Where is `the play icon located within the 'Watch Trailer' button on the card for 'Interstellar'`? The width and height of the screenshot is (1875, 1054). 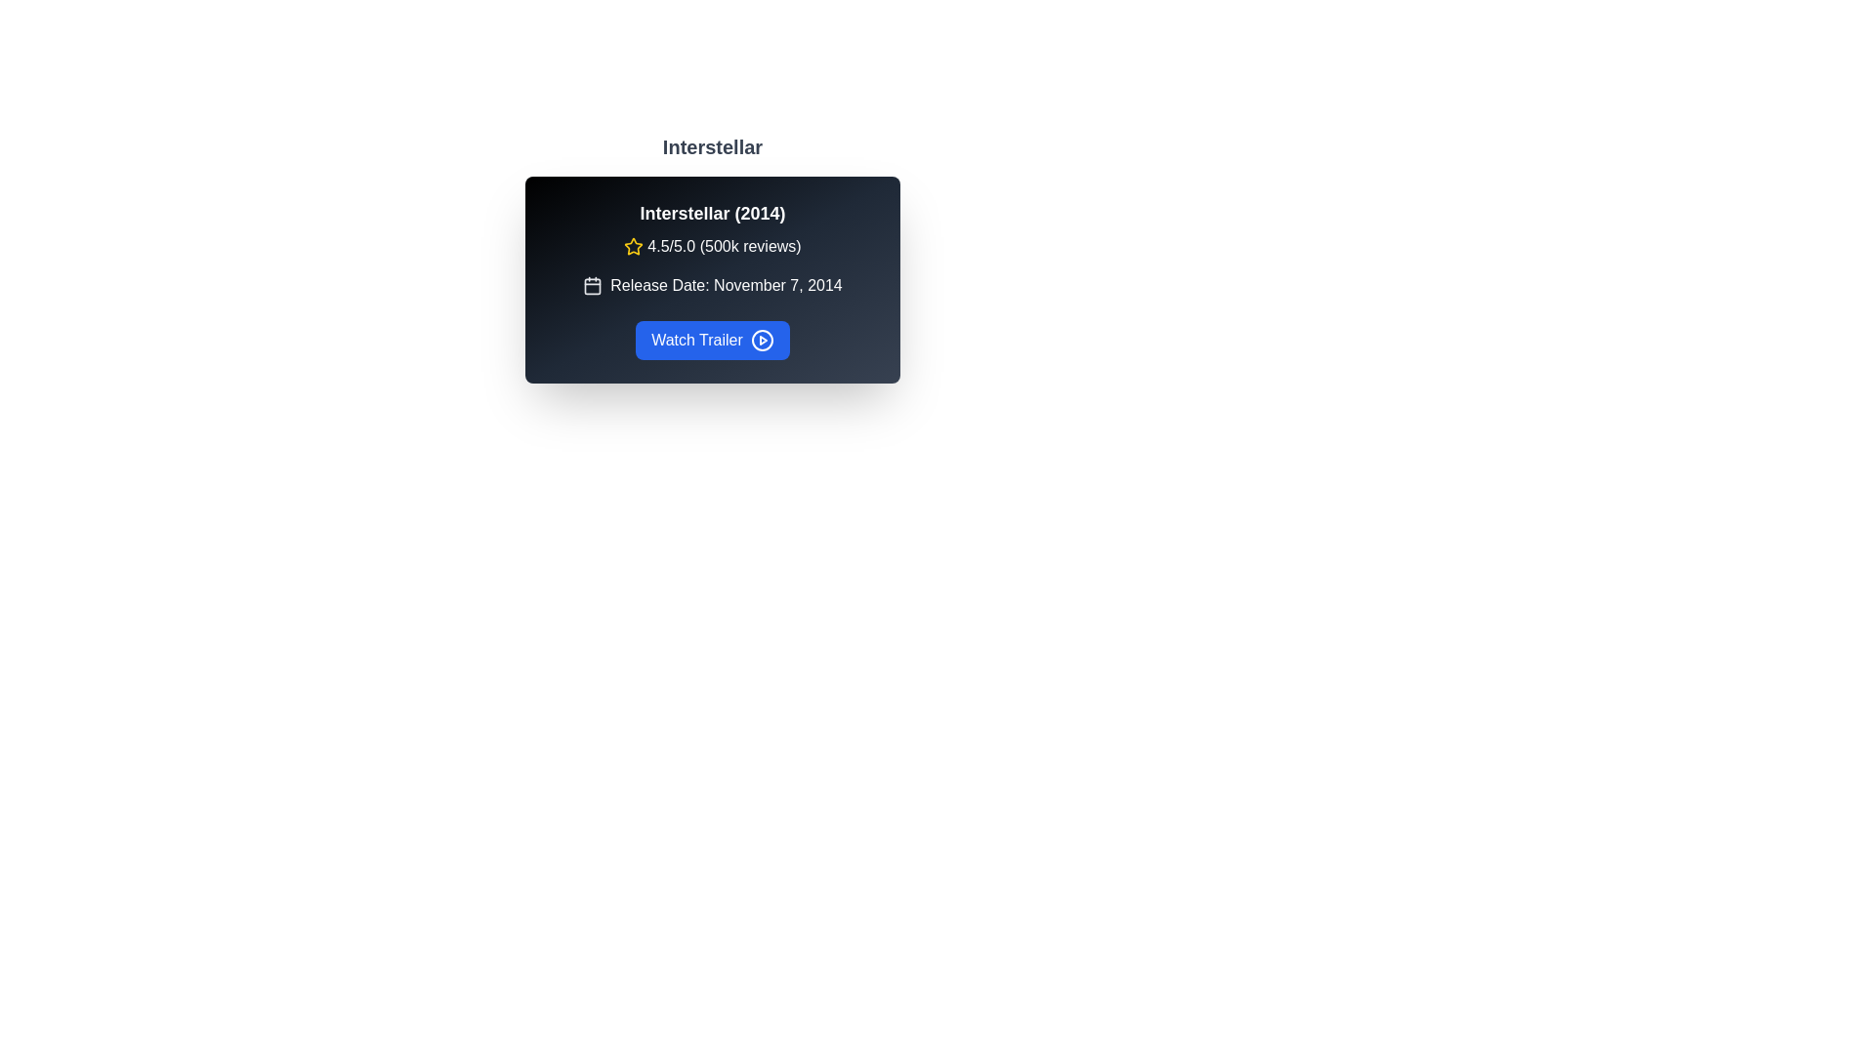
the play icon located within the 'Watch Trailer' button on the card for 'Interstellar' is located at coordinates (761, 339).